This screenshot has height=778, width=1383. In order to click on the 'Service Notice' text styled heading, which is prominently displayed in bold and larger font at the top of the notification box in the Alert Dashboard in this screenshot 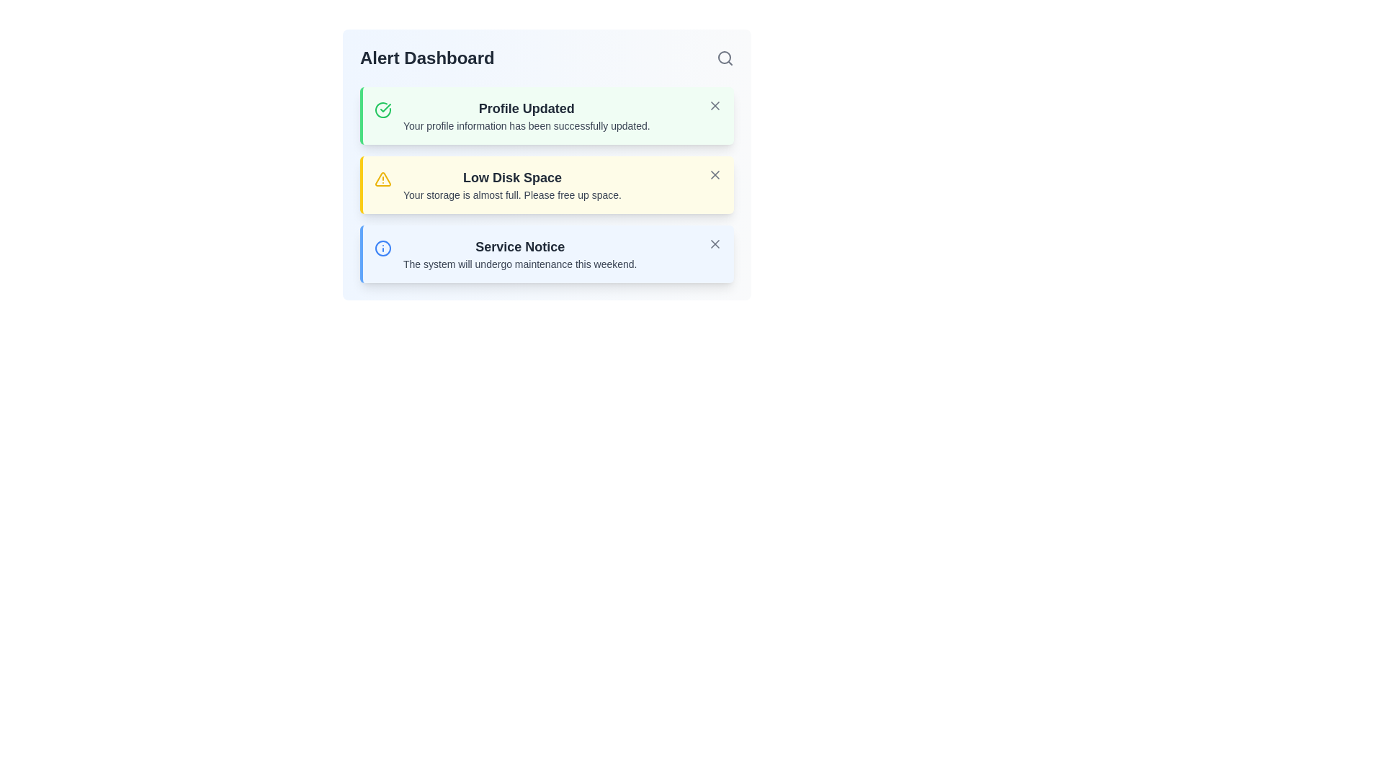, I will do `click(519, 246)`.